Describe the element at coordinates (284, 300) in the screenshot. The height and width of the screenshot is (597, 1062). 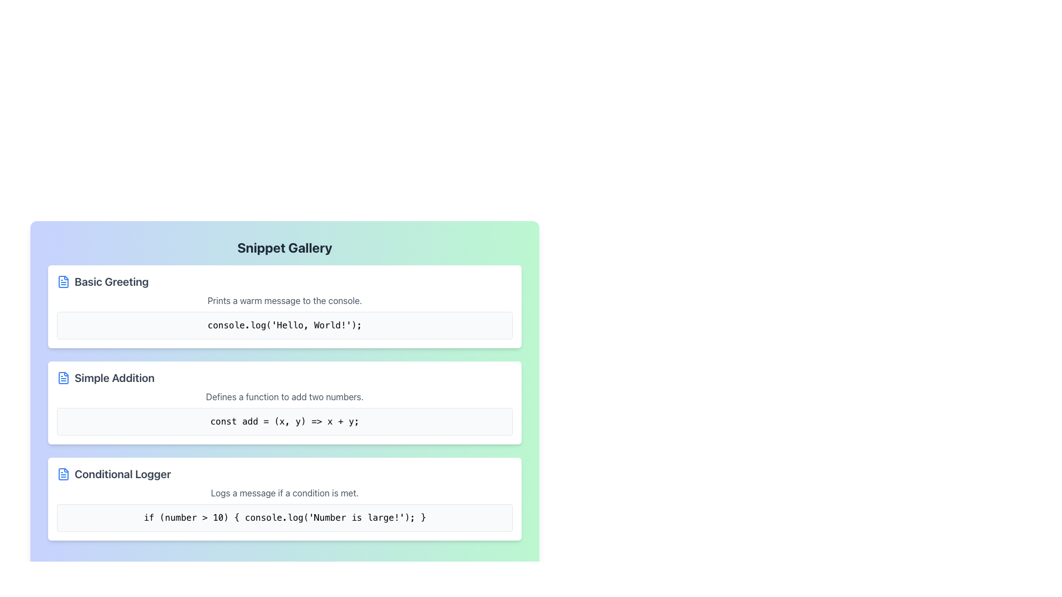
I see `text element that displays 'Prints a warm message to the console.' located within the 'Basic Greeting' card layout` at that location.